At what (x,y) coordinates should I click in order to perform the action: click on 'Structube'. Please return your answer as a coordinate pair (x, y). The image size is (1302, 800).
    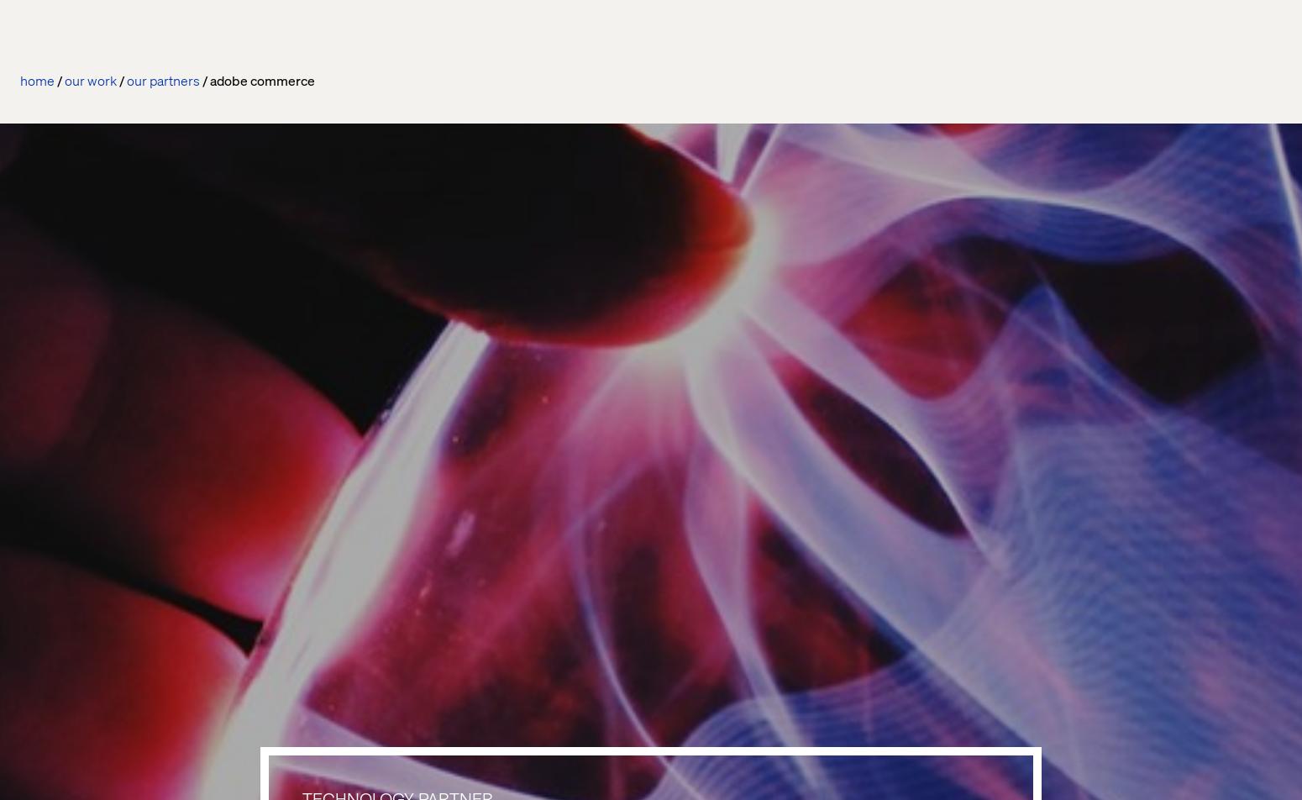
    Looking at the image, I should click on (998, 693).